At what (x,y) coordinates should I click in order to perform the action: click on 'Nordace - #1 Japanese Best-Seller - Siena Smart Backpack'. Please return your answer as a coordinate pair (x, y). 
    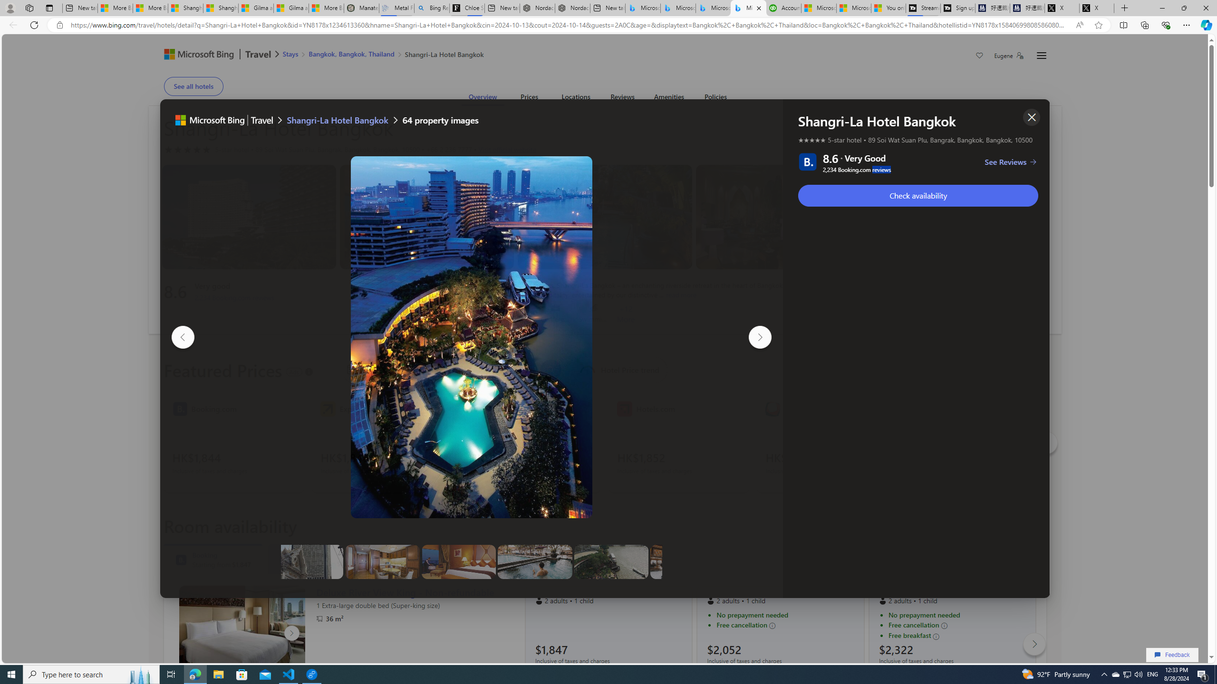
    Looking at the image, I should click on (572, 8).